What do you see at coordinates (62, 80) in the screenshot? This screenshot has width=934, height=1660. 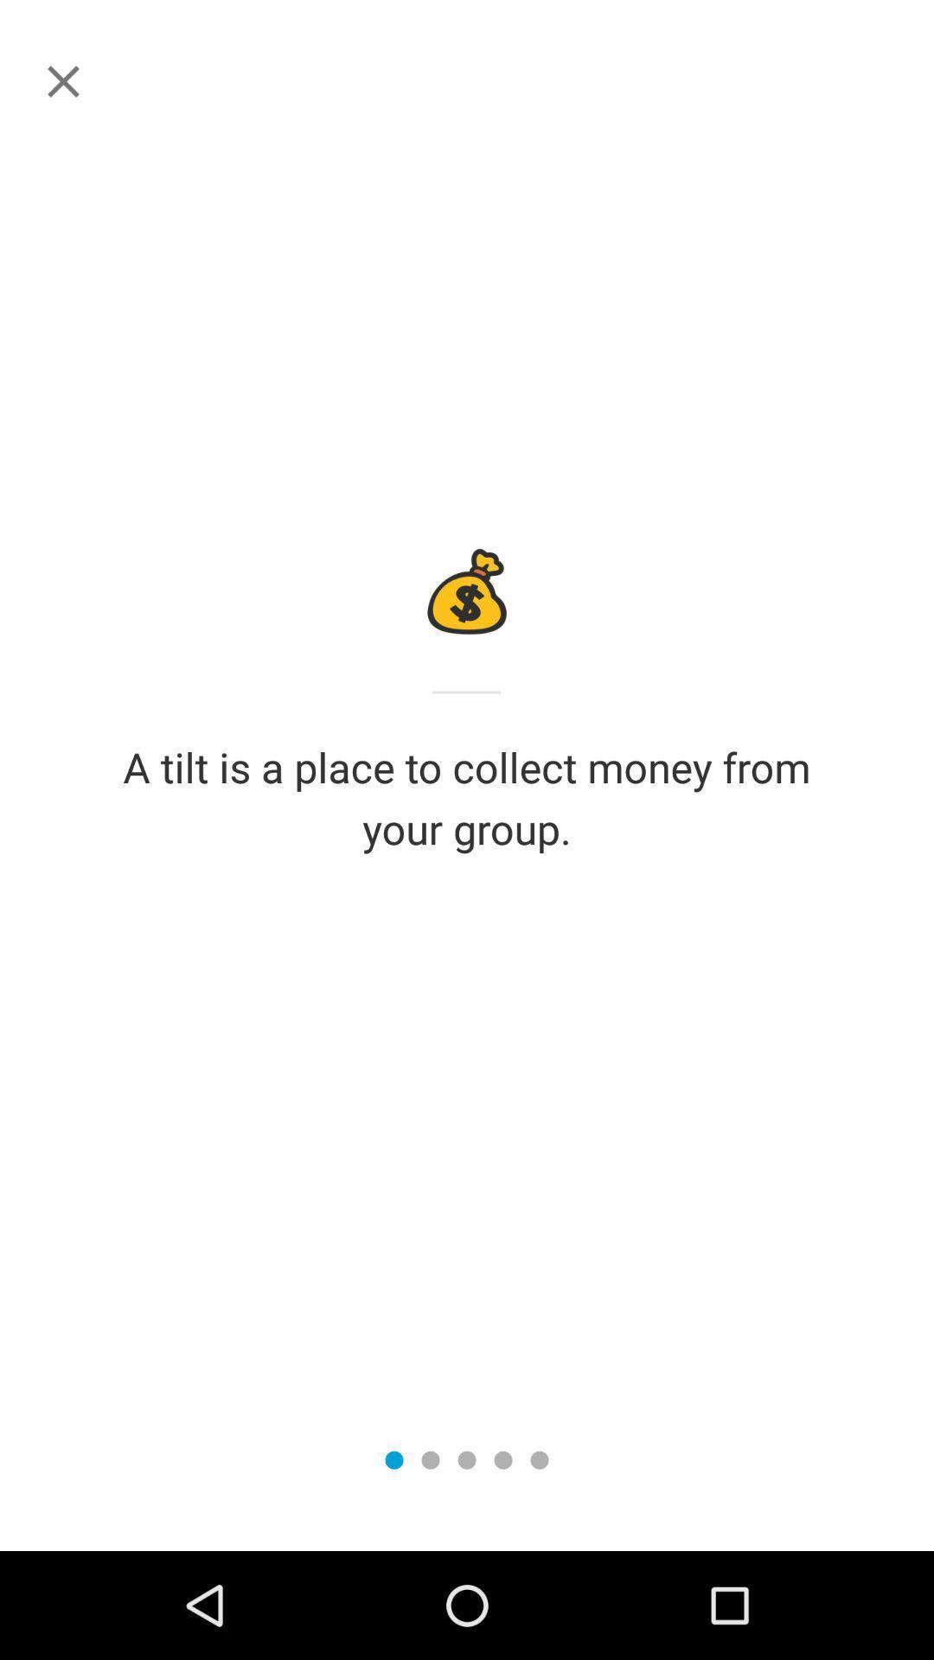 I see `icon at the top left corner` at bounding box center [62, 80].